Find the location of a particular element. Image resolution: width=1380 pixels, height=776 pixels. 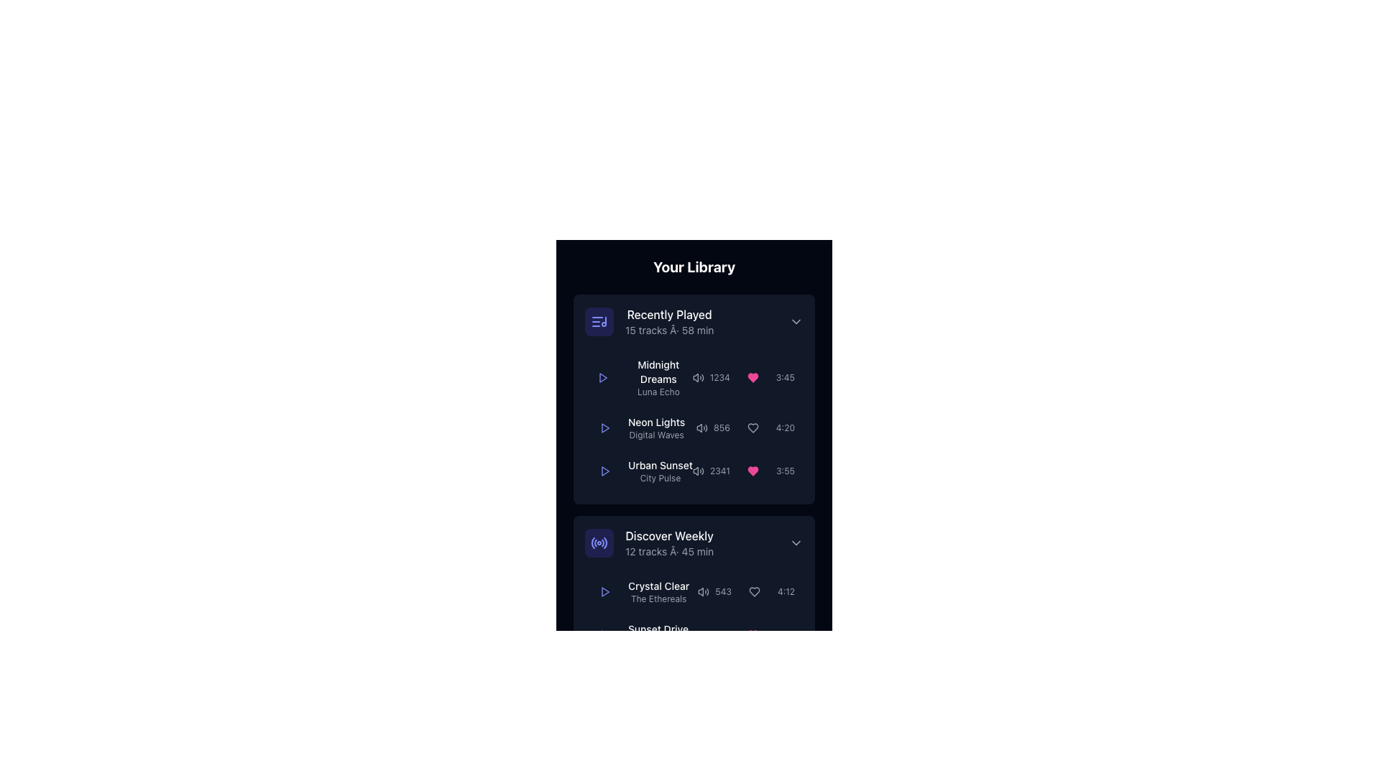

the label displaying the number of plays or listens for the 'Crystal Clear' track in the 'Discover Weekly' section to associate the number with the corresponding track is located at coordinates (714, 592).